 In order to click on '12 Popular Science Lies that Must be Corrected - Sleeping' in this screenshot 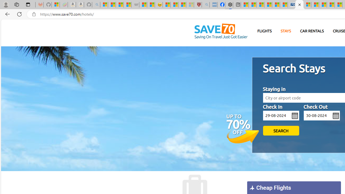, I will do `click(190, 5)`.